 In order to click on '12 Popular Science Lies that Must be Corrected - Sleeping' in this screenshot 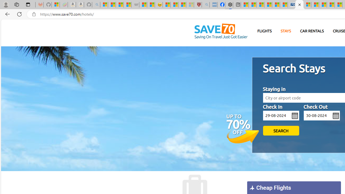, I will do `click(190, 5)`.